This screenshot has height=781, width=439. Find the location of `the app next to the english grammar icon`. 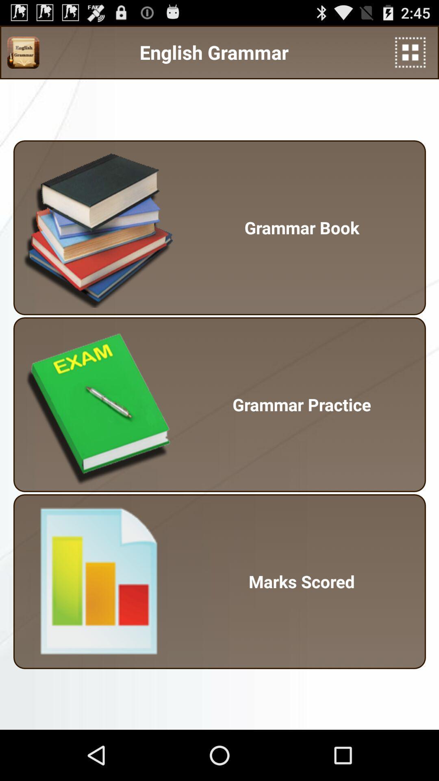

the app next to the english grammar icon is located at coordinates (23, 52).